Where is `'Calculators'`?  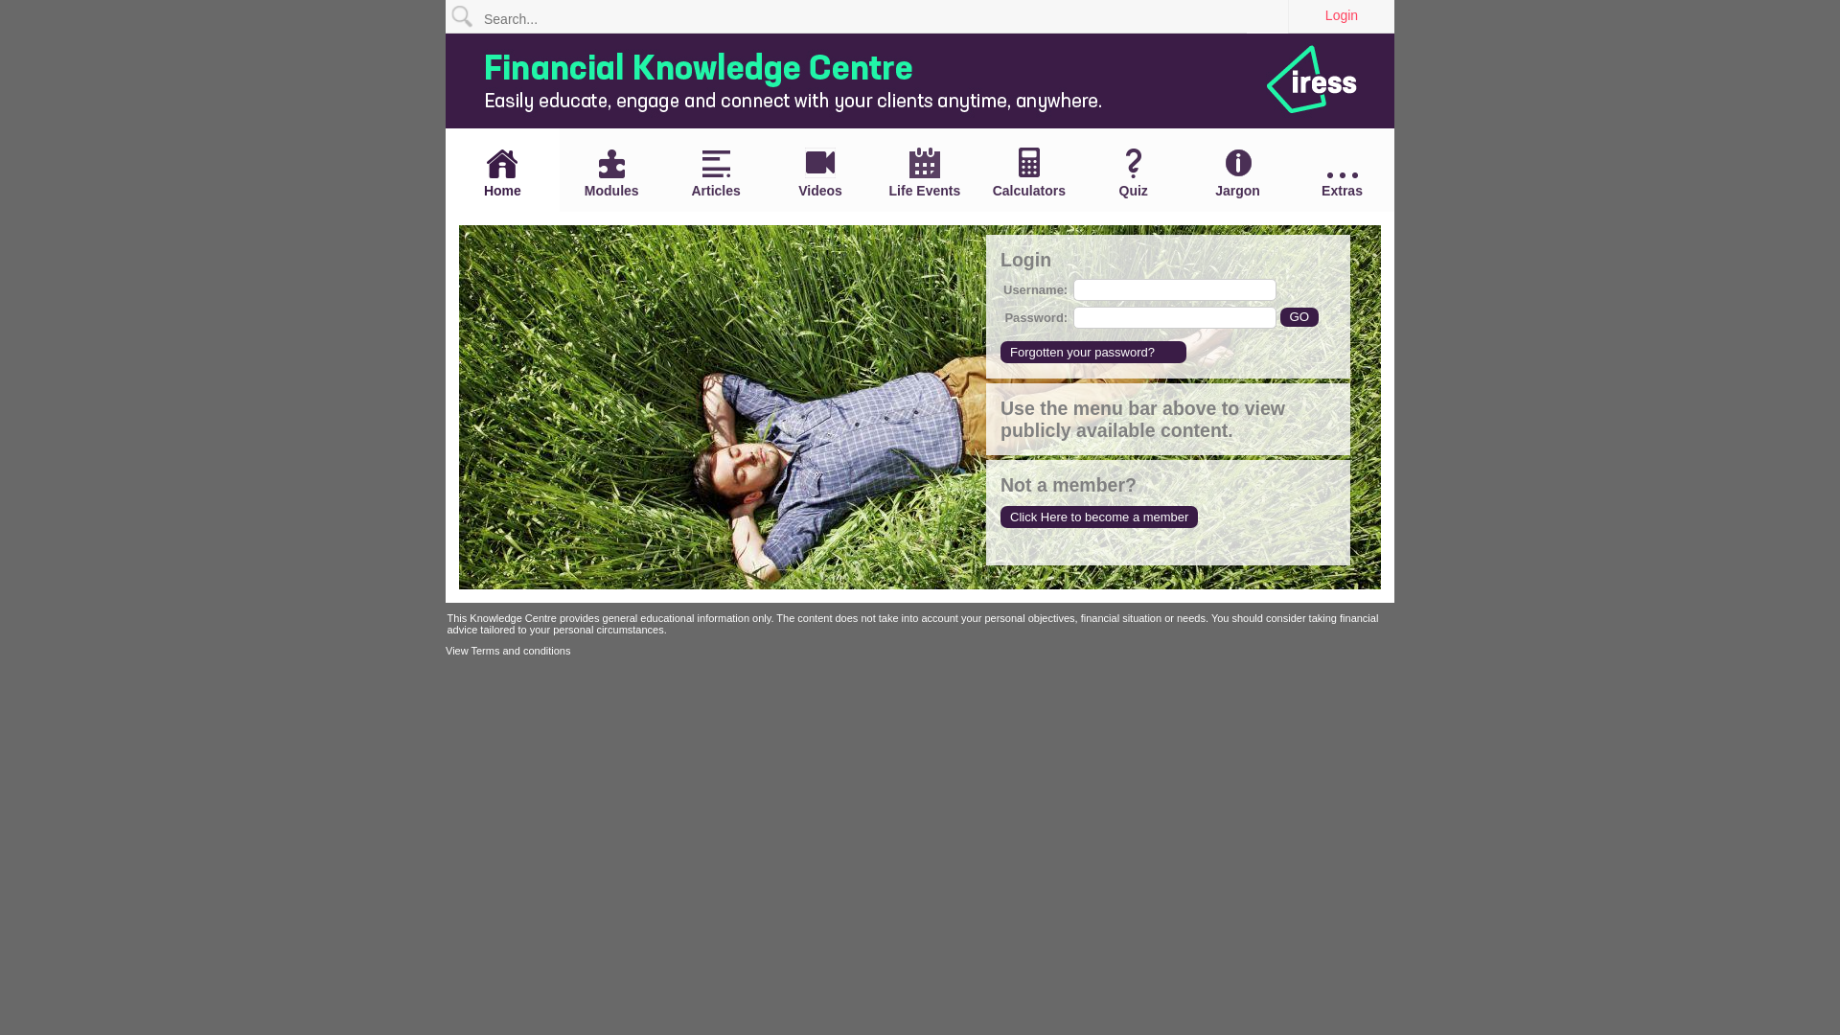 'Calculators' is located at coordinates (1027, 172).